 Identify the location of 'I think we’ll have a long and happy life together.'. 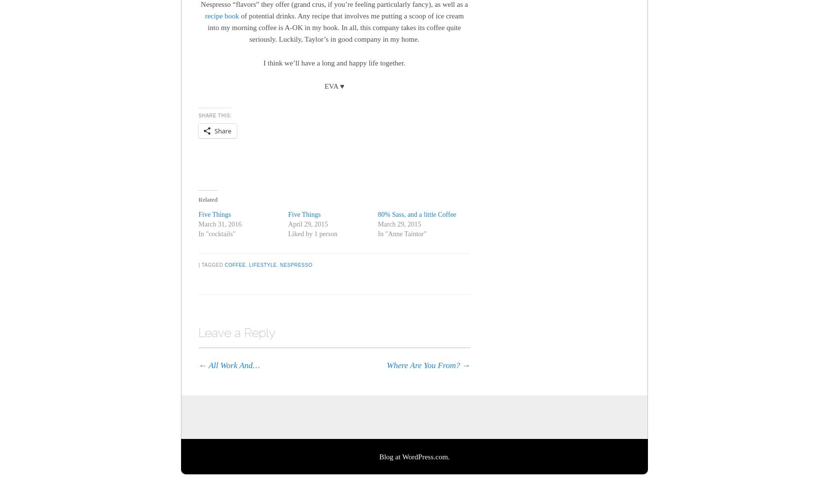
(263, 62).